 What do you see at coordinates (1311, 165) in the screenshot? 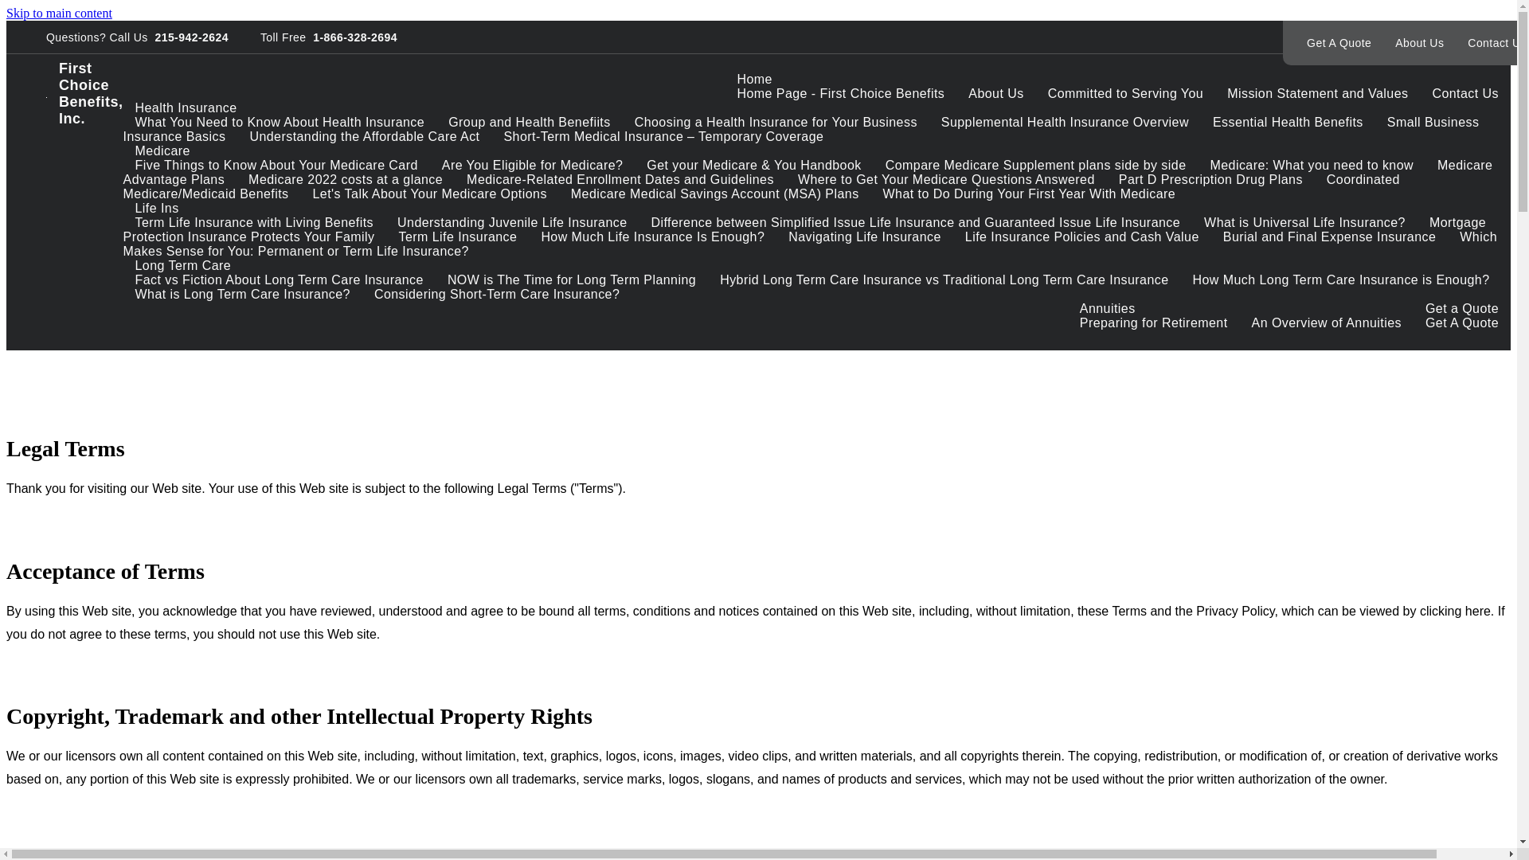
I see `'Medicare: What you need to know'` at bounding box center [1311, 165].